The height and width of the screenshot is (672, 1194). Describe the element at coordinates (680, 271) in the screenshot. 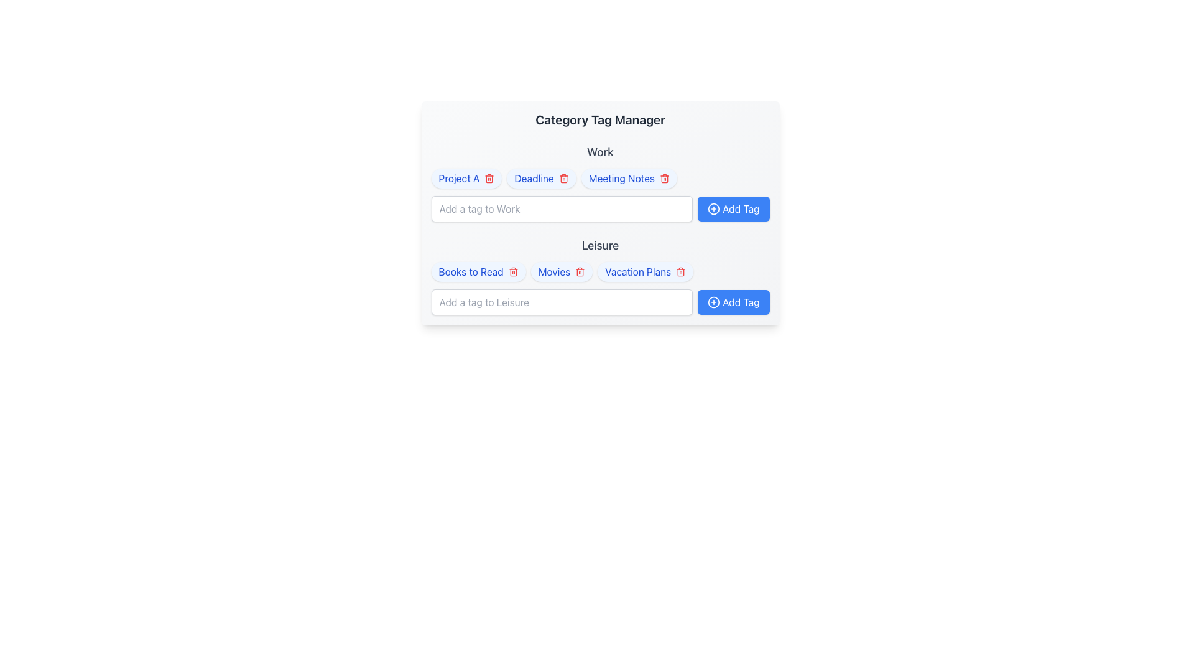

I see `the small red trash icon button representing the delete action located next to the 'Vacation Plans' text in the 'Leisure' section of the Category Tag Manager interface to observe the hover effect` at that location.